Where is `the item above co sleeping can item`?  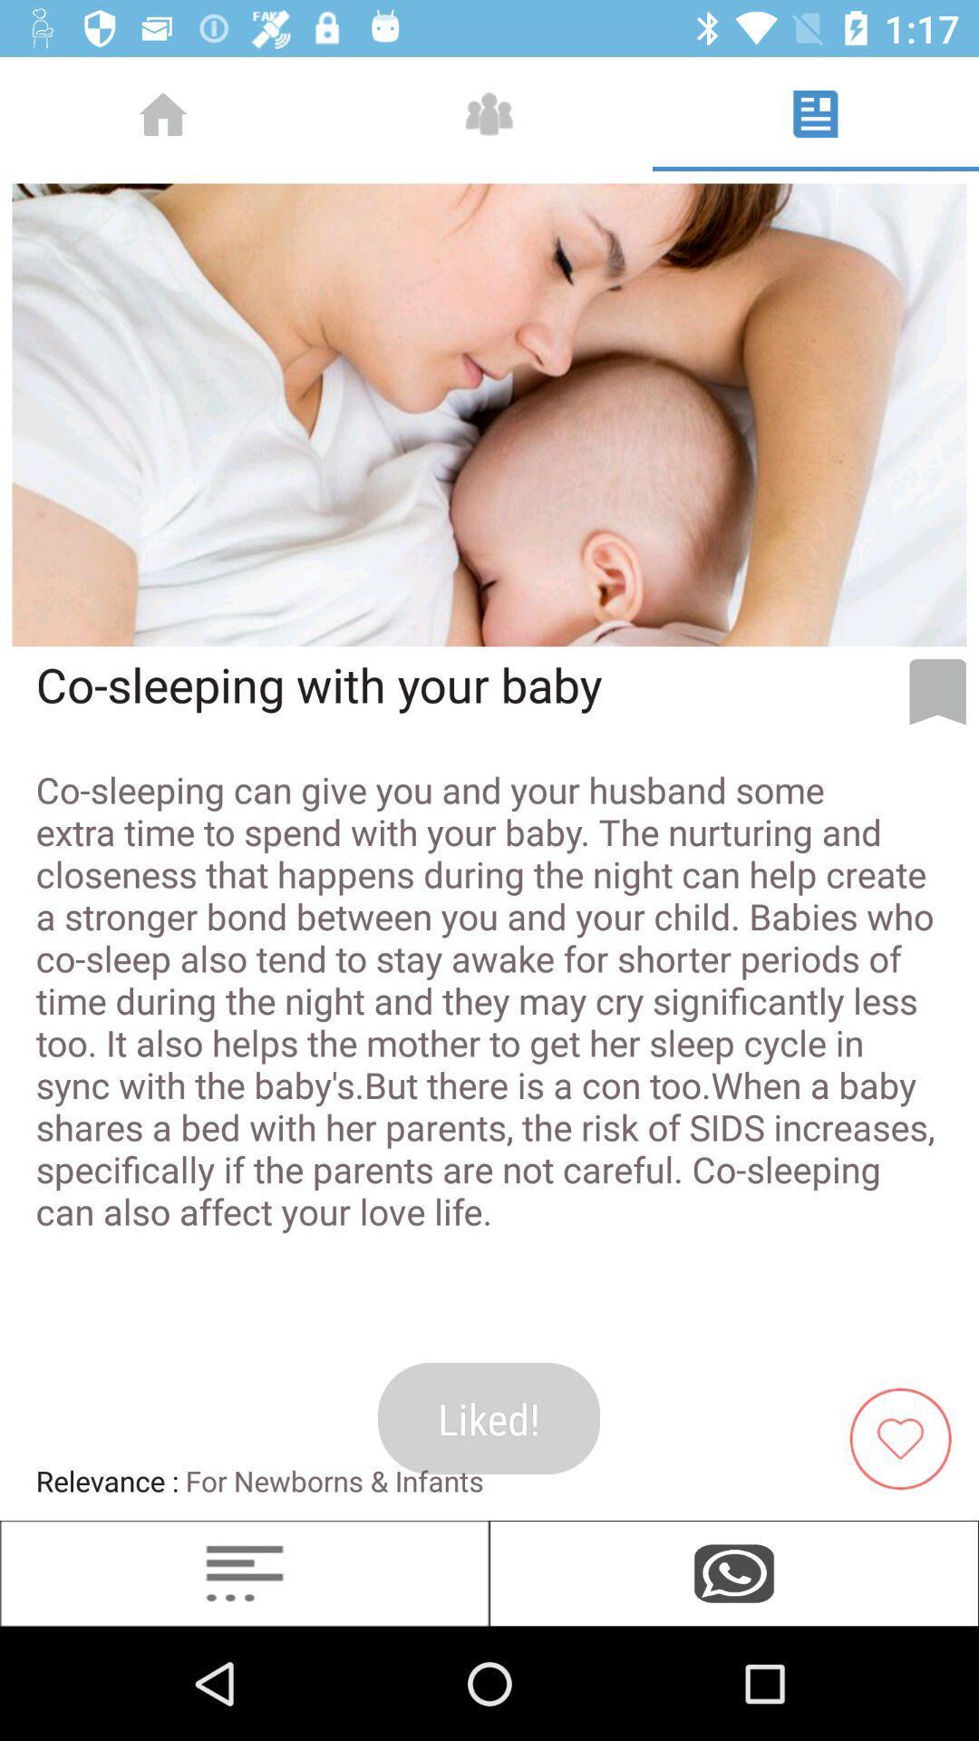
the item above co sleeping can item is located at coordinates (937, 691).